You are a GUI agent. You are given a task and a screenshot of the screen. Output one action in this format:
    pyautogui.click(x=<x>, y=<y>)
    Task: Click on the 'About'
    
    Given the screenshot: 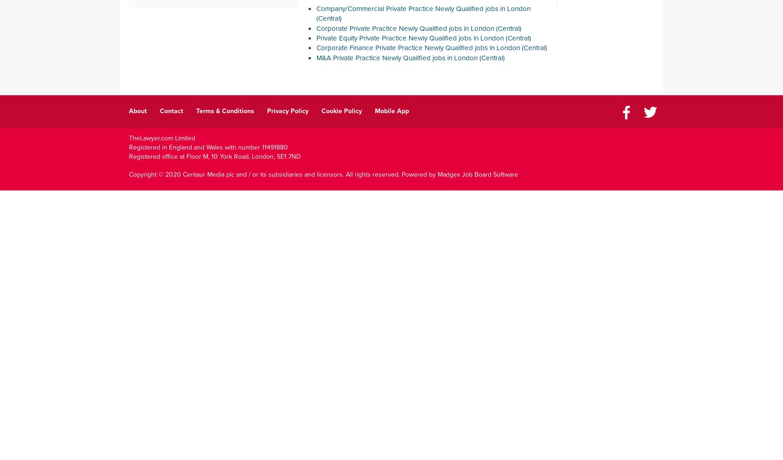 What is the action you would take?
    pyautogui.click(x=138, y=110)
    